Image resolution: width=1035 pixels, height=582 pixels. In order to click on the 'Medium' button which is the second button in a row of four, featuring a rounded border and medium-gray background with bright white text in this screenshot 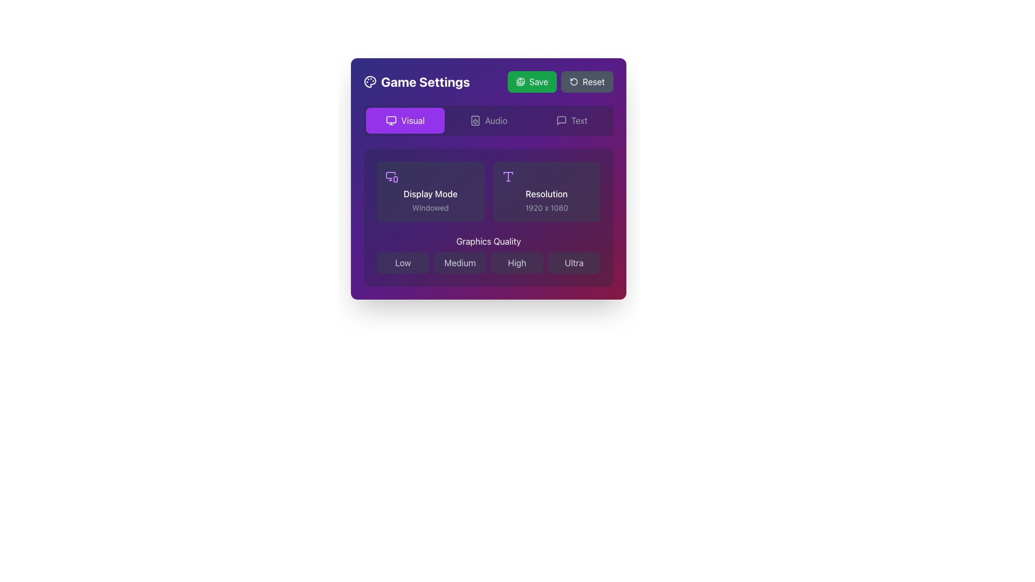, I will do `click(460, 263)`.